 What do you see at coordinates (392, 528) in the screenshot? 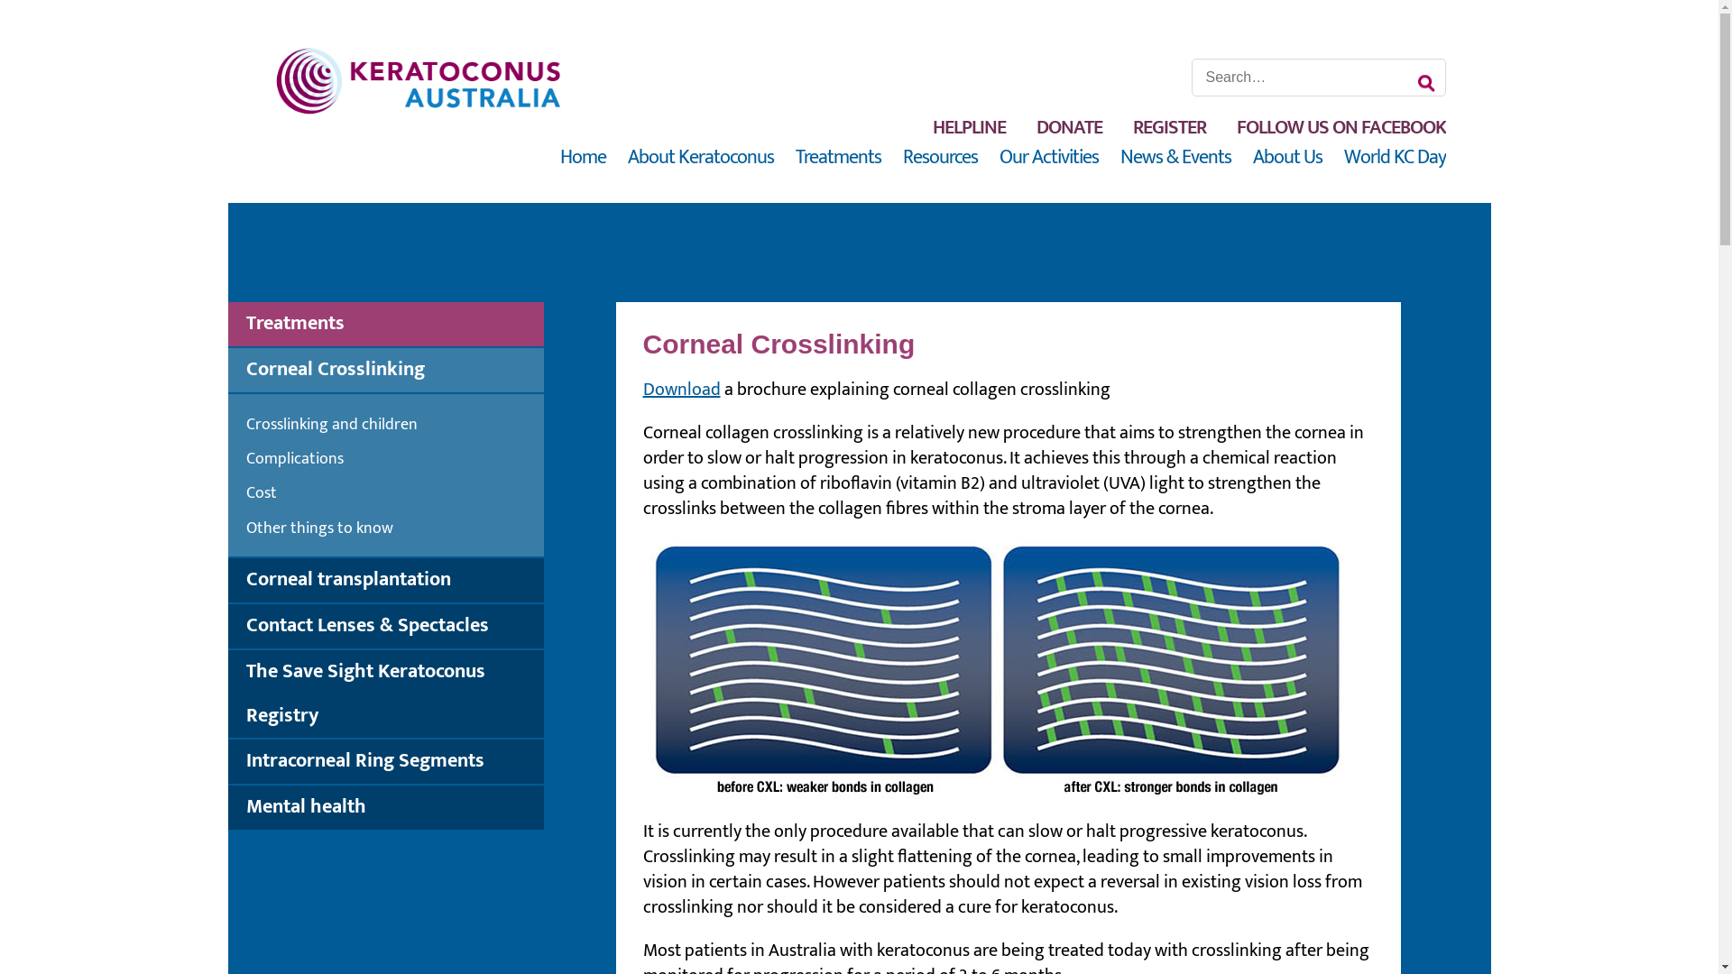
I see `'Other things to know'` at bounding box center [392, 528].